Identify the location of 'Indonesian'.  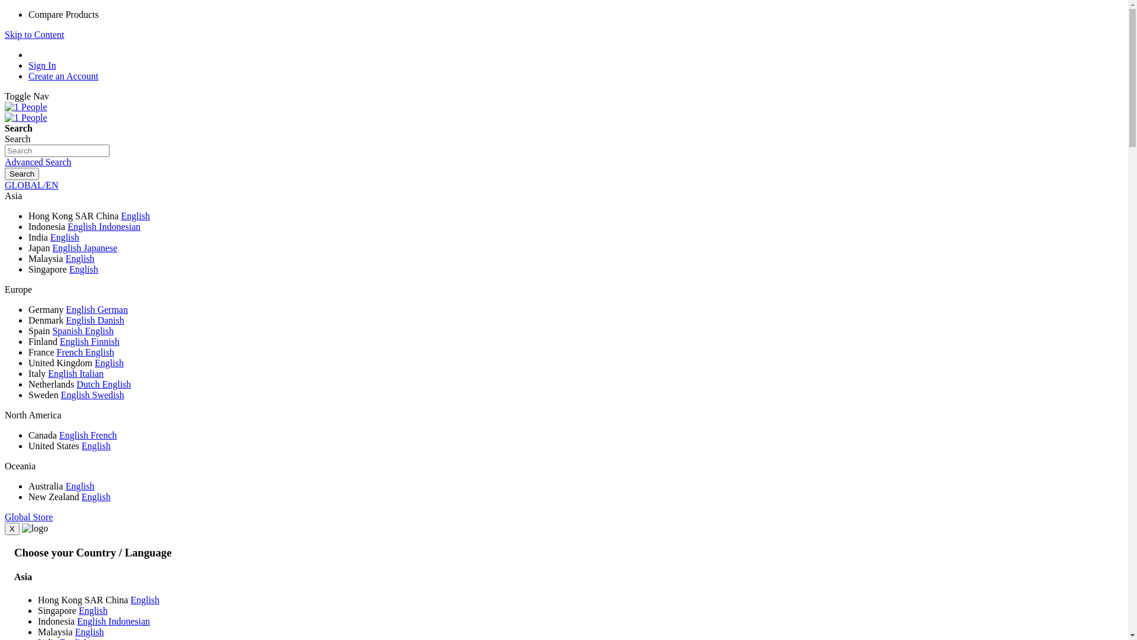
(129, 620).